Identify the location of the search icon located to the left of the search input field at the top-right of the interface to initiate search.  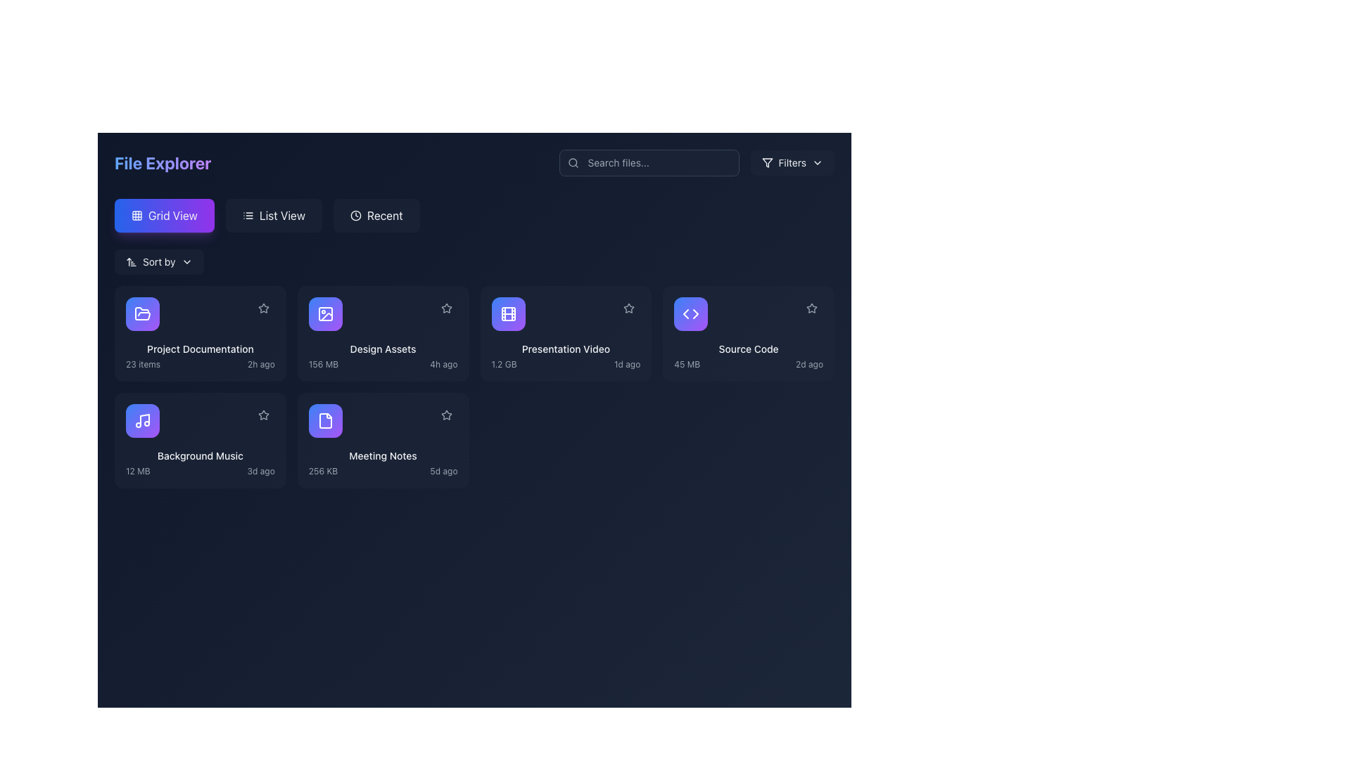
(573, 162).